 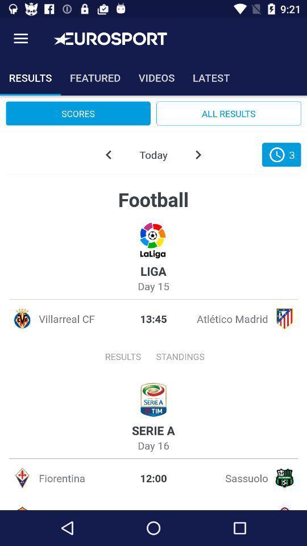 What do you see at coordinates (77, 113) in the screenshot?
I see `item next to the all results` at bounding box center [77, 113].